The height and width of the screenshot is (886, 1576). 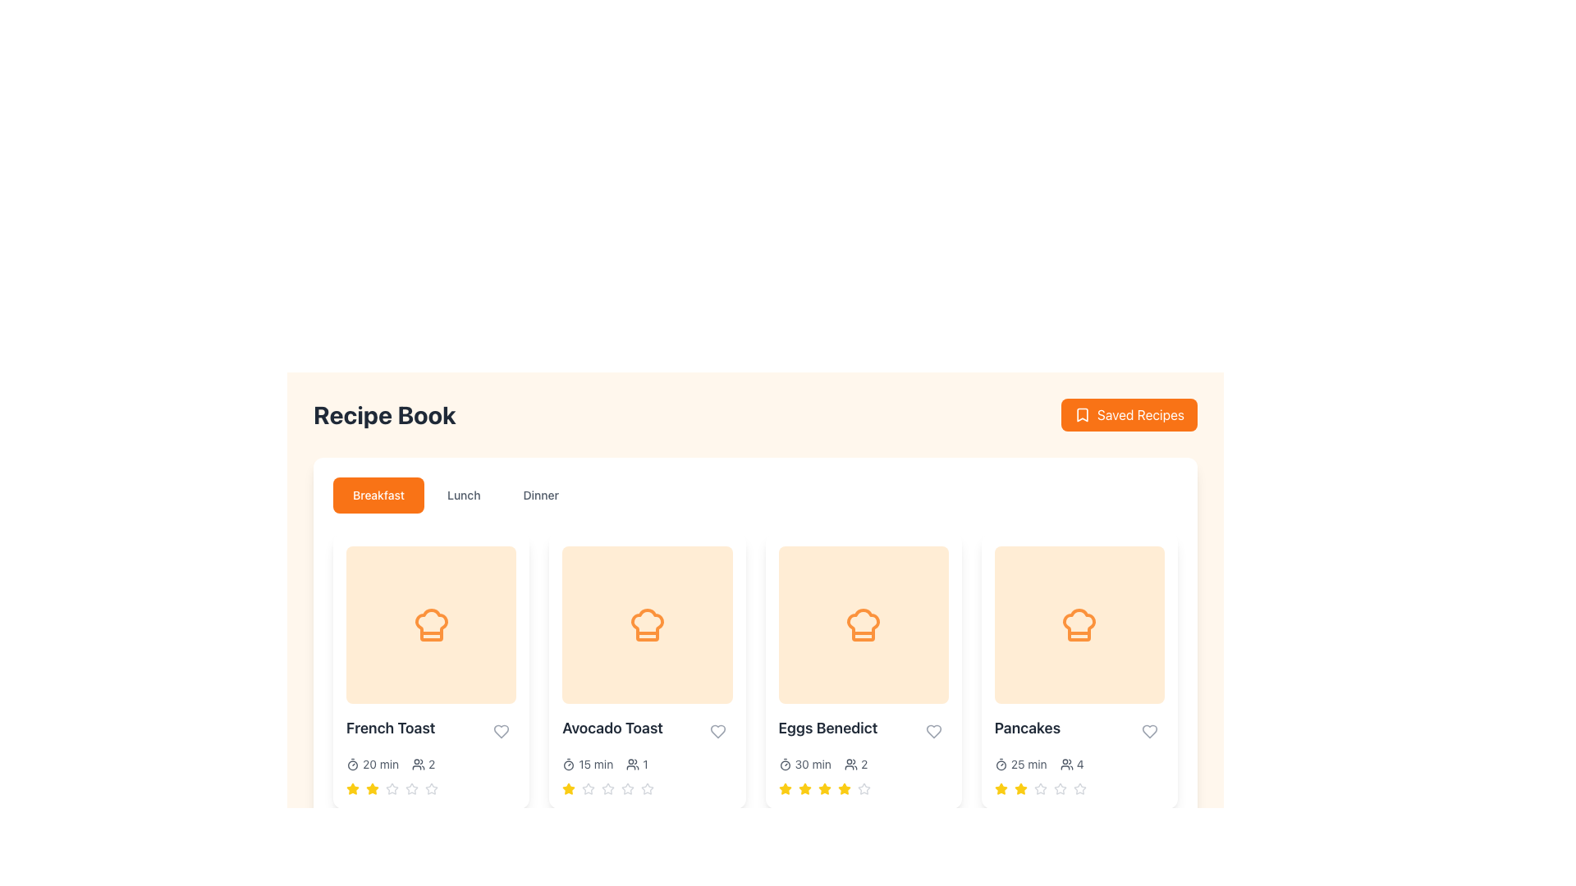 What do you see at coordinates (850, 765) in the screenshot?
I see `the user group icon, which is a graphical representation of two person silhouettes side by side, located within the 'Eggs Benedict' card beneath the preparation time indicator` at bounding box center [850, 765].